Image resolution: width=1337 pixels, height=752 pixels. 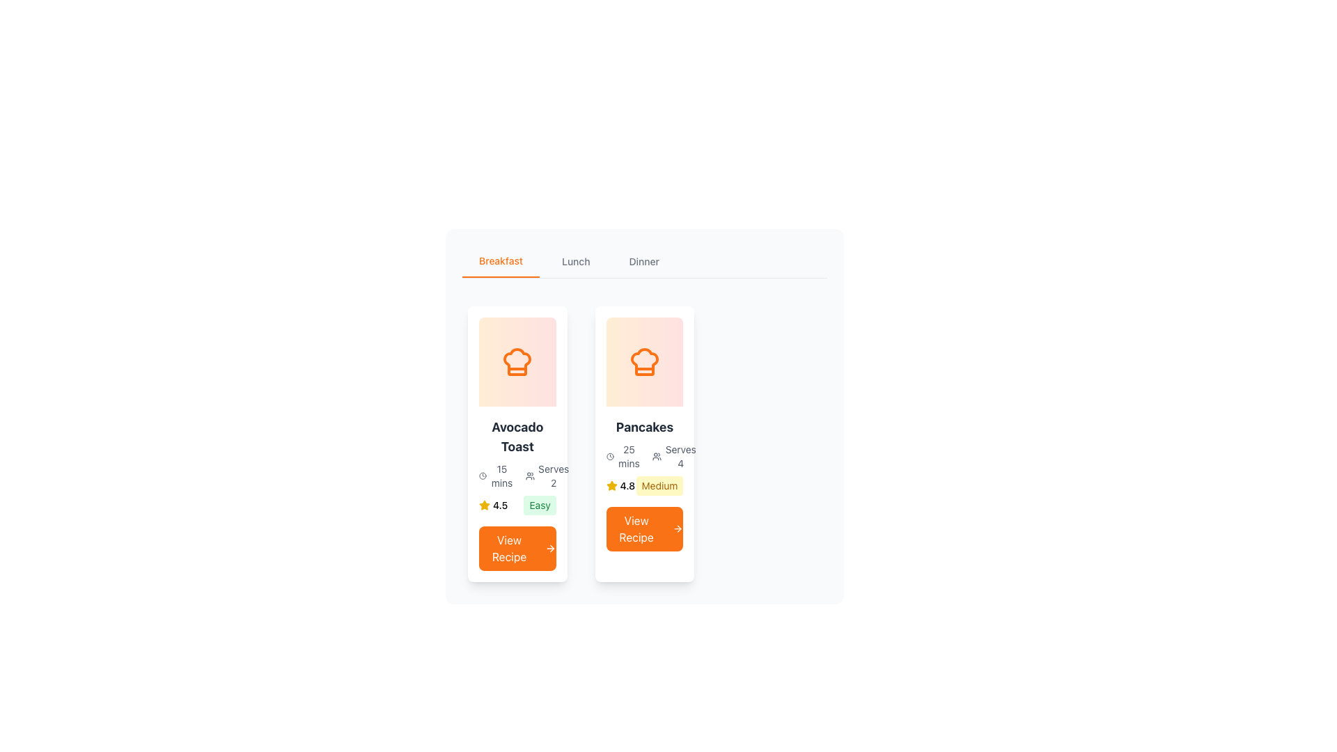 I want to click on the details of the gray-colored icon resembling a group of people, located to the left of the 'Serves 2' text within the 'Avocado Toast' card, so click(x=529, y=475).